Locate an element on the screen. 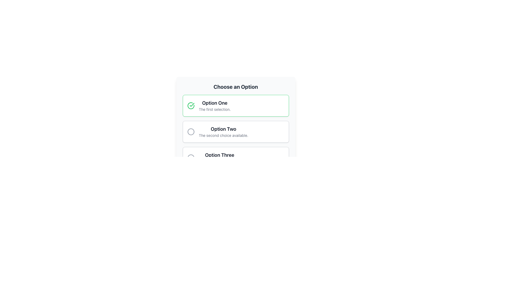 The height and width of the screenshot is (287, 510). the decorative icon for the third option in the vertical list of options is located at coordinates (191, 158).